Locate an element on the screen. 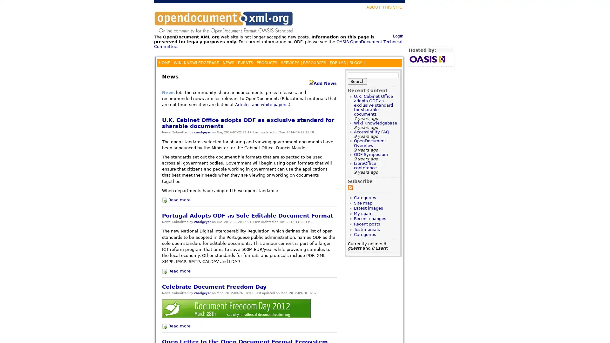  Search is located at coordinates (357, 81).